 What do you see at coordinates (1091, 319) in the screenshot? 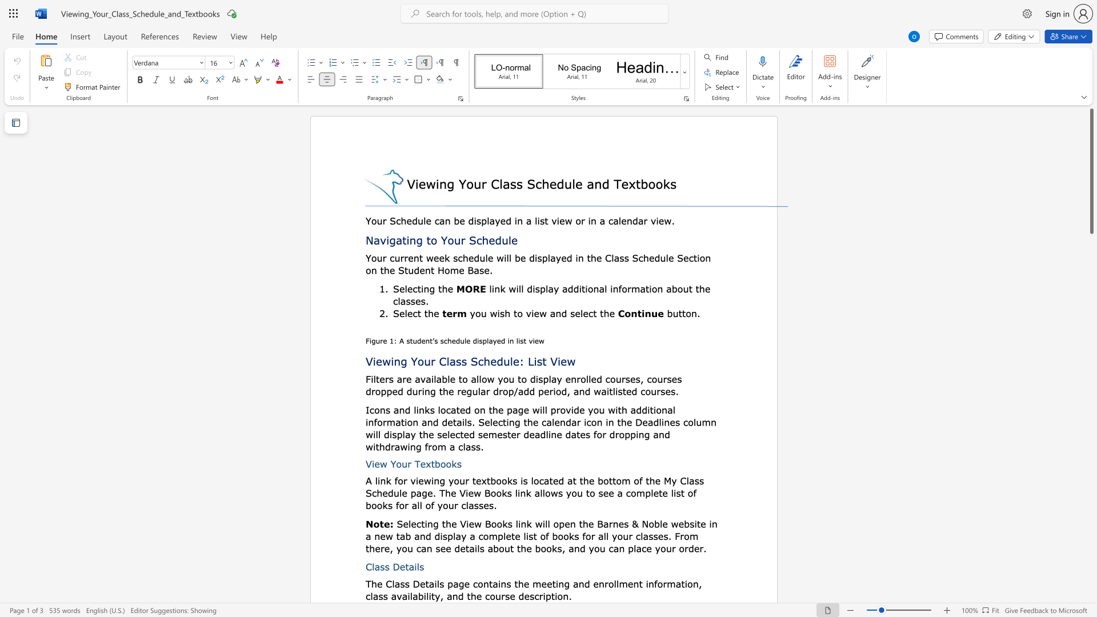
I see `the scrollbar to move the page down` at bounding box center [1091, 319].